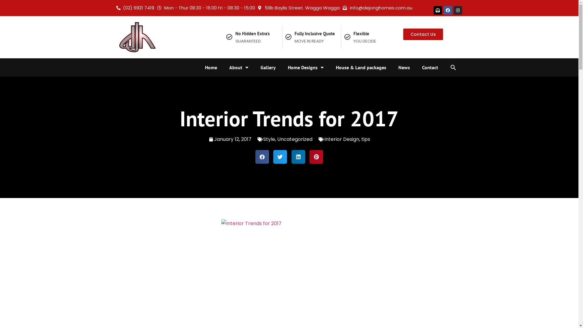 This screenshot has width=583, height=328. Describe the element at coordinates (281, 67) in the screenshot. I see `'Home Designs'` at that location.